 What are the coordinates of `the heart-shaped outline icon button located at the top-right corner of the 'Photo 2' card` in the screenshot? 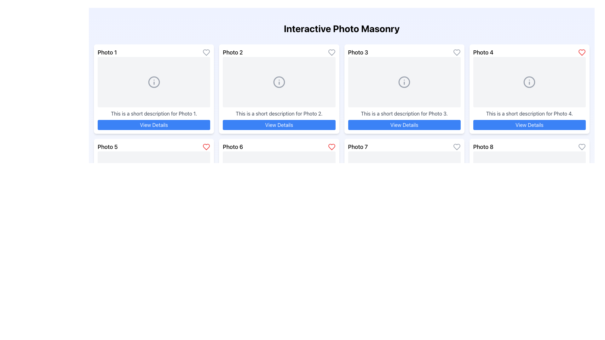 It's located at (331, 52).